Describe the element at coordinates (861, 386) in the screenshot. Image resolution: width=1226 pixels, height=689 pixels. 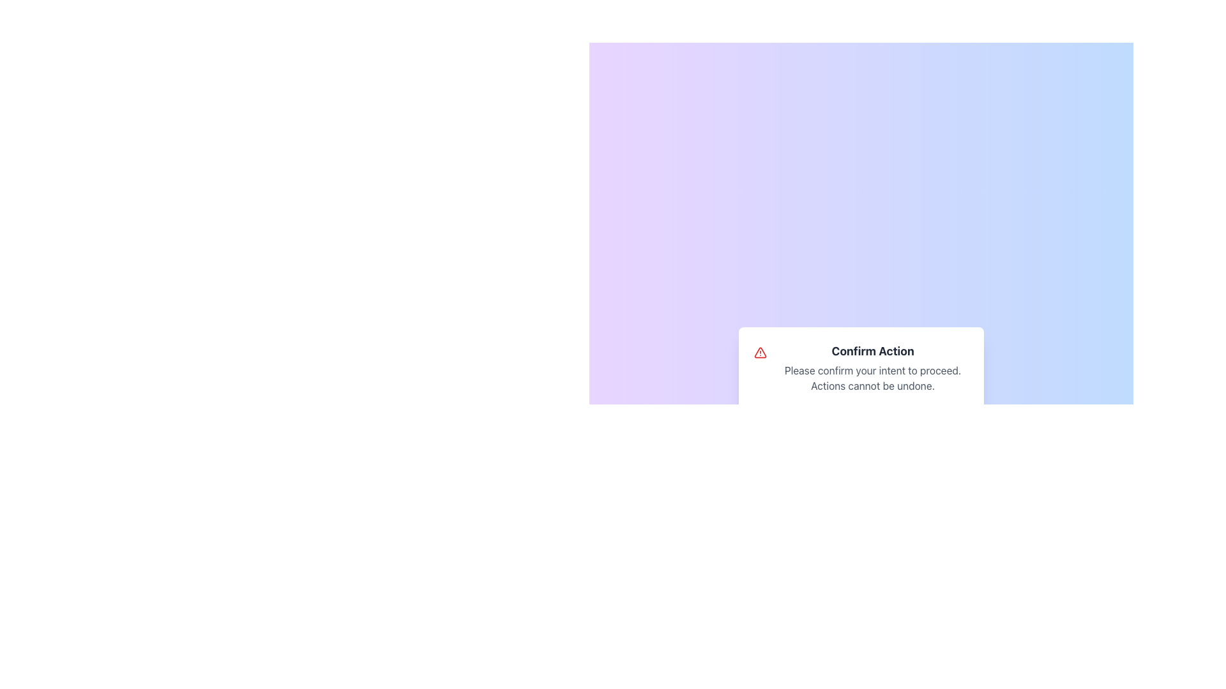
I see `notification from the modal dialog that contains the warning icon and the text 'Confirm Action' with the description 'Please confirm your intent to proceed.'` at that location.